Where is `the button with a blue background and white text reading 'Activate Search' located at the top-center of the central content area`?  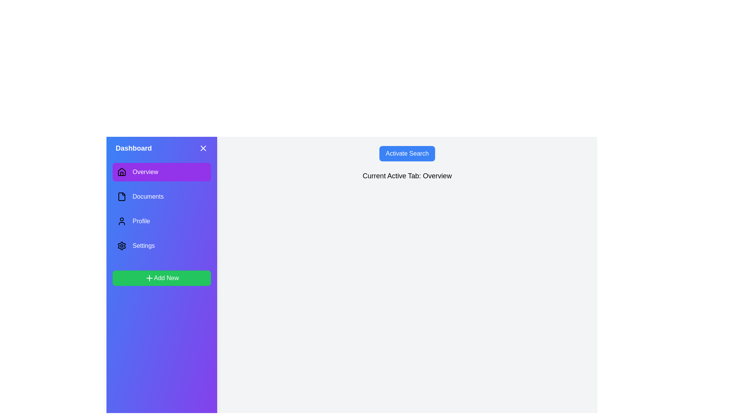
the button with a blue background and white text reading 'Activate Search' located at the top-center of the central content area is located at coordinates (407, 154).